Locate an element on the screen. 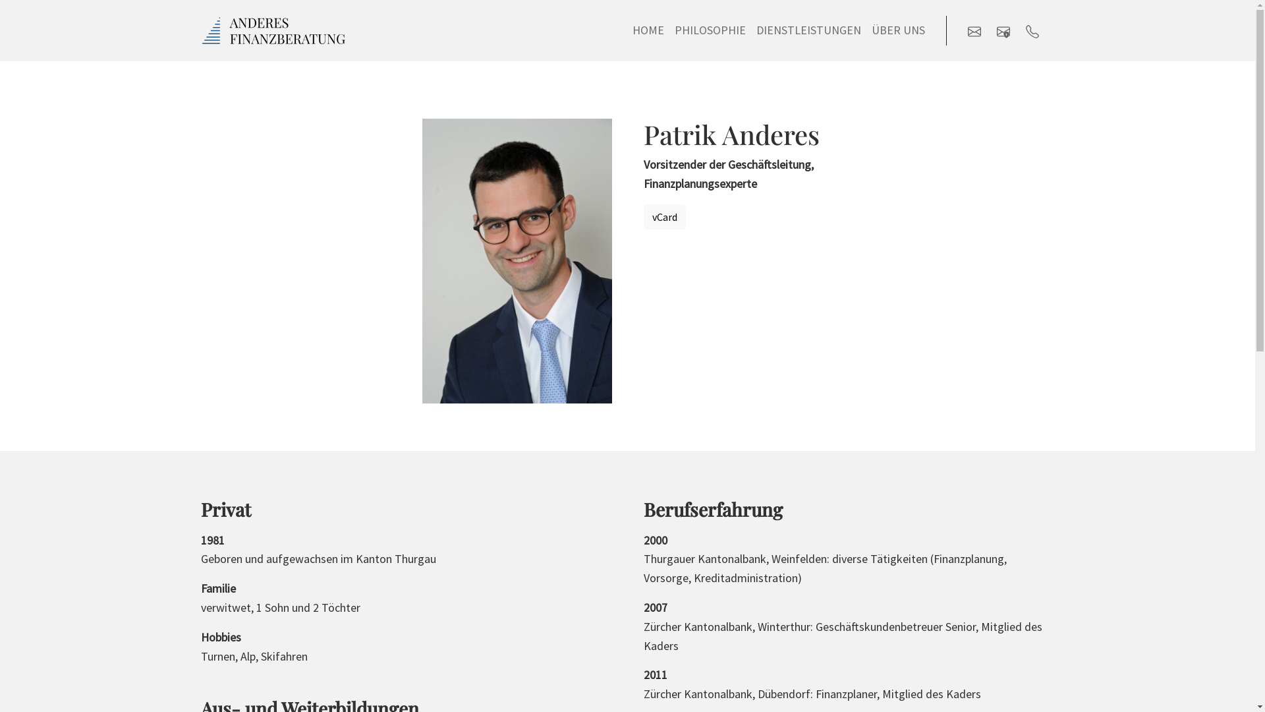 The height and width of the screenshot is (712, 1265). 'vCard' is located at coordinates (664, 216).